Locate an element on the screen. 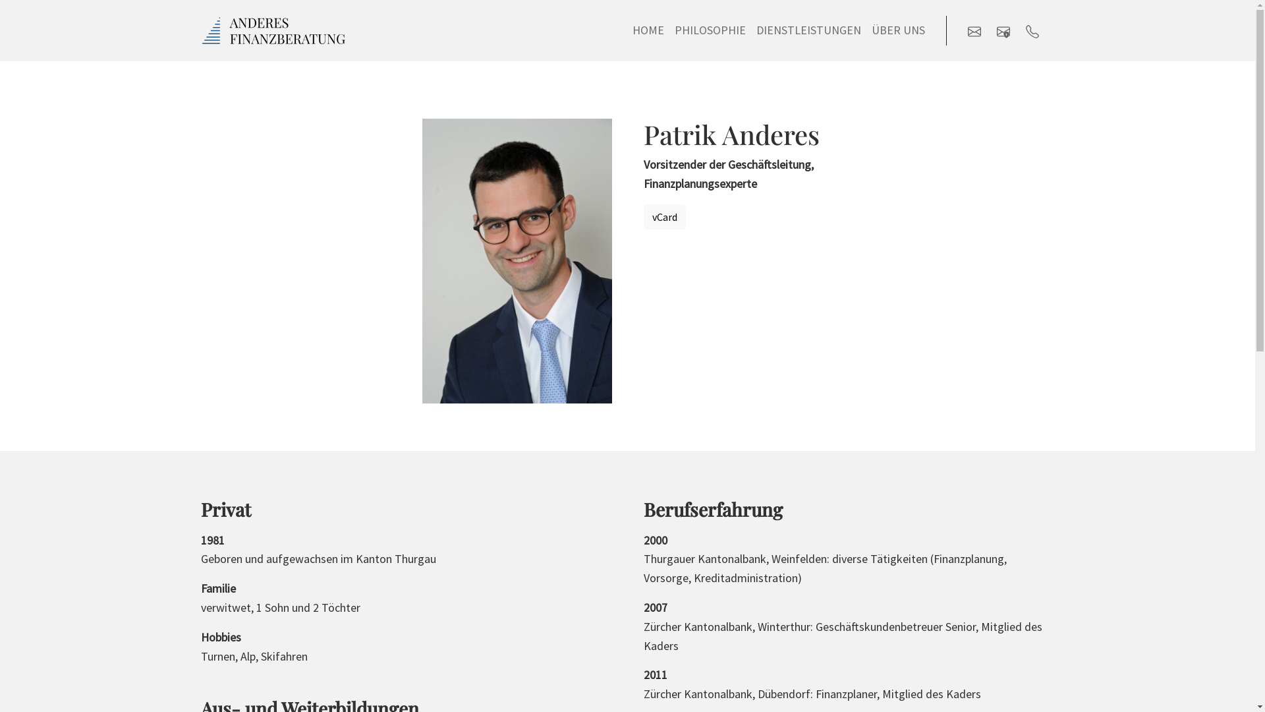 The height and width of the screenshot is (712, 1265). 'vCard' is located at coordinates (664, 216).